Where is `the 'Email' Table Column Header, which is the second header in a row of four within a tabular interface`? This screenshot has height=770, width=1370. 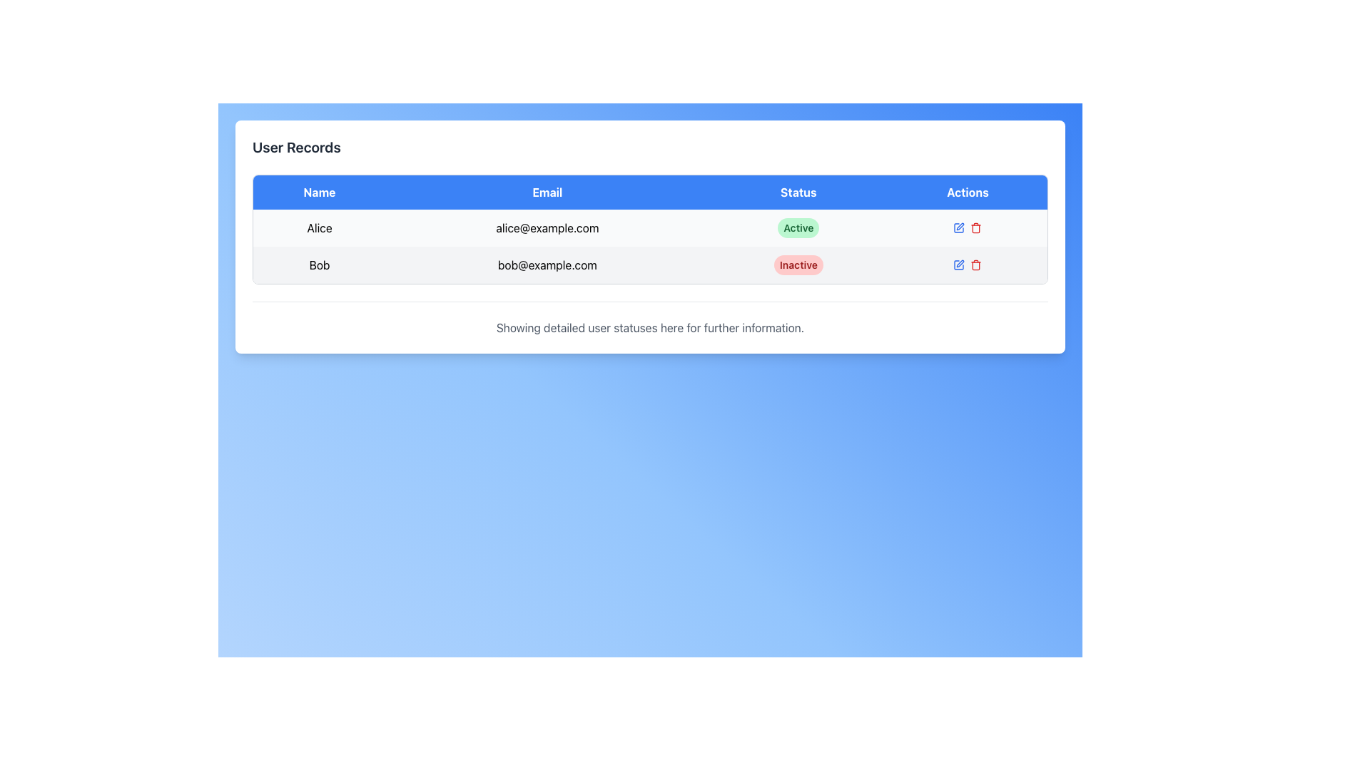 the 'Email' Table Column Header, which is the second header in a row of four within a tabular interface is located at coordinates (547, 192).